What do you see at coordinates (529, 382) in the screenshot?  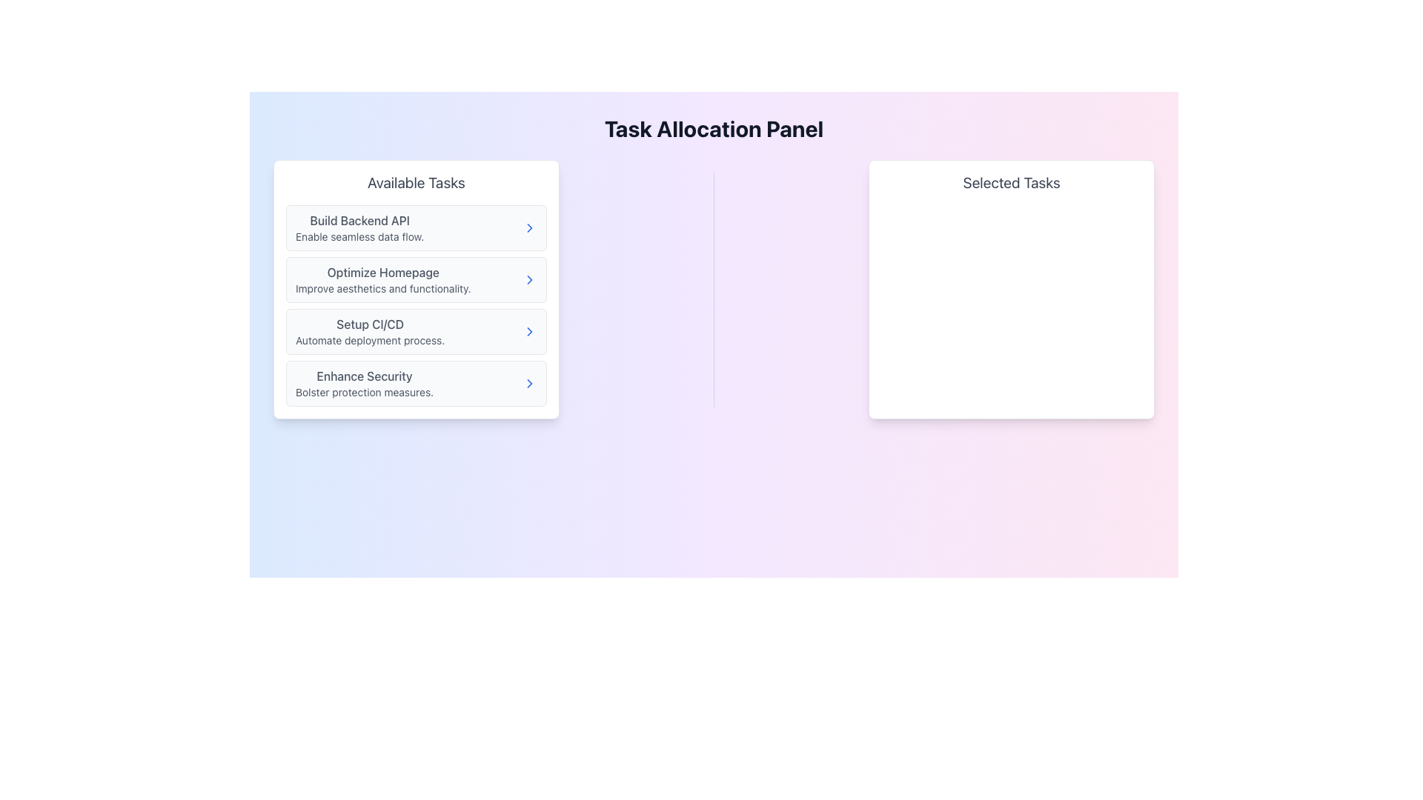 I see `the right-pointing chevron arrow button in the 'Enhance Security' list item` at bounding box center [529, 382].